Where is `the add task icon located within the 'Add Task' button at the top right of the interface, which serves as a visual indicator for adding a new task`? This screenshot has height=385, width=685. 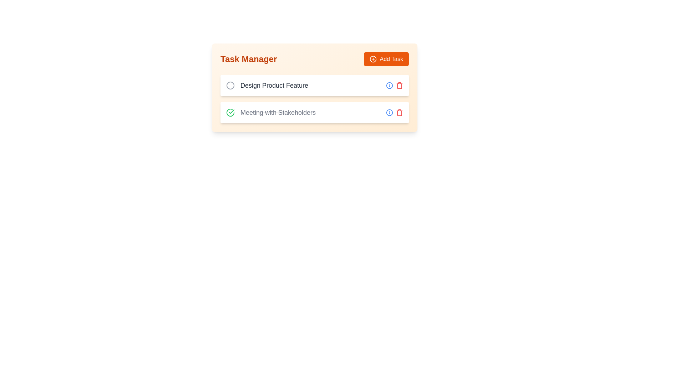 the add task icon located within the 'Add Task' button at the top right of the interface, which serves as a visual indicator for adding a new task is located at coordinates (373, 58).